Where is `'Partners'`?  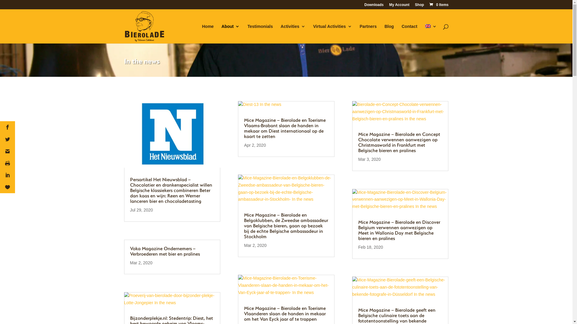 'Partners' is located at coordinates (359, 34).